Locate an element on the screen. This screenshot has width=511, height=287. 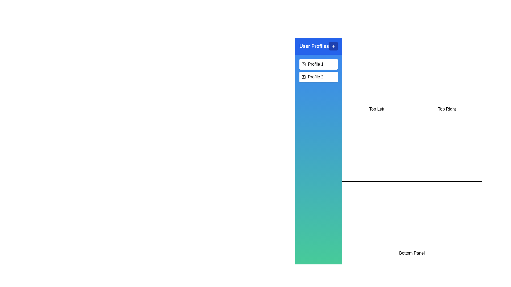
the 'User Profiles' label, which displays bold white text on a dark blue background, located at the top left of the vertical panel adjacent to a plus symbol icon is located at coordinates (314, 46).